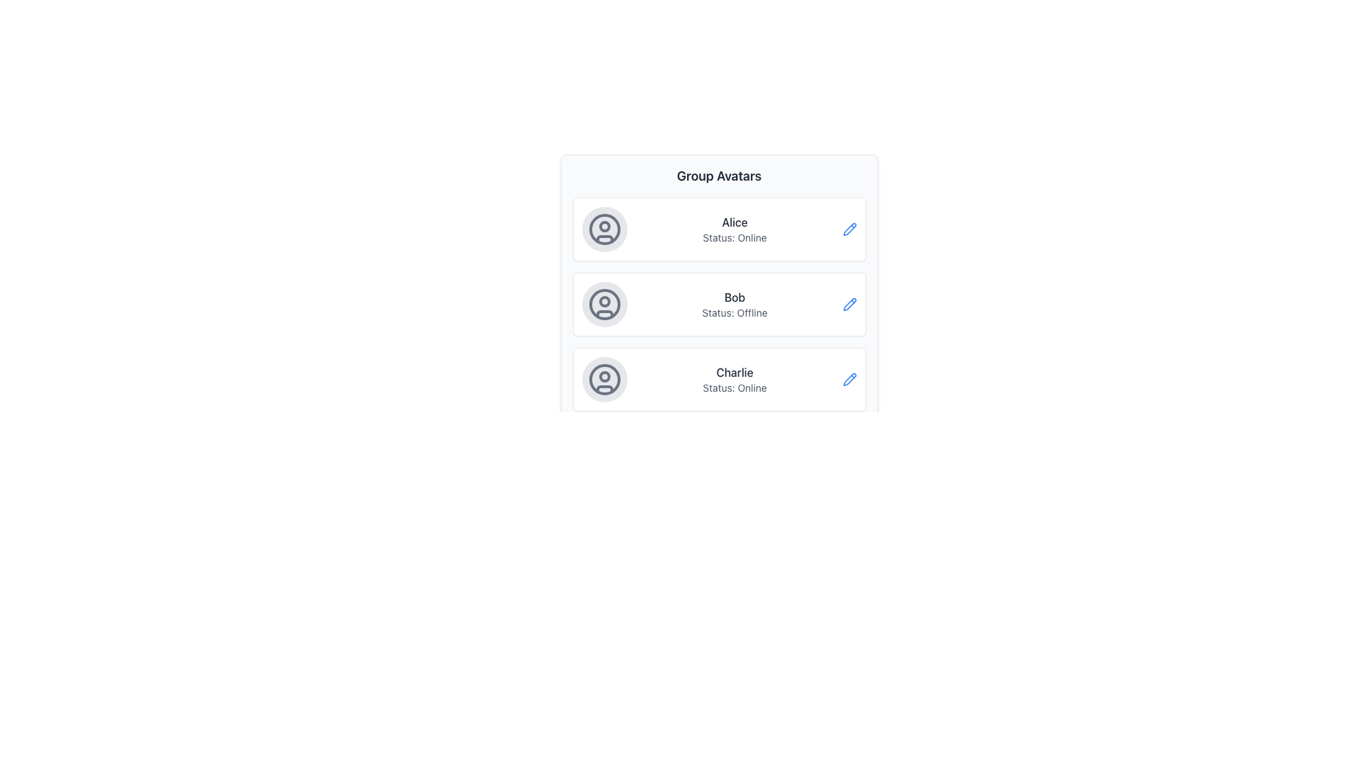 The image size is (1360, 765). I want to click on the small blue pen icon located in the top-right corner of the card labeled 'Alice', so click(849, 229).